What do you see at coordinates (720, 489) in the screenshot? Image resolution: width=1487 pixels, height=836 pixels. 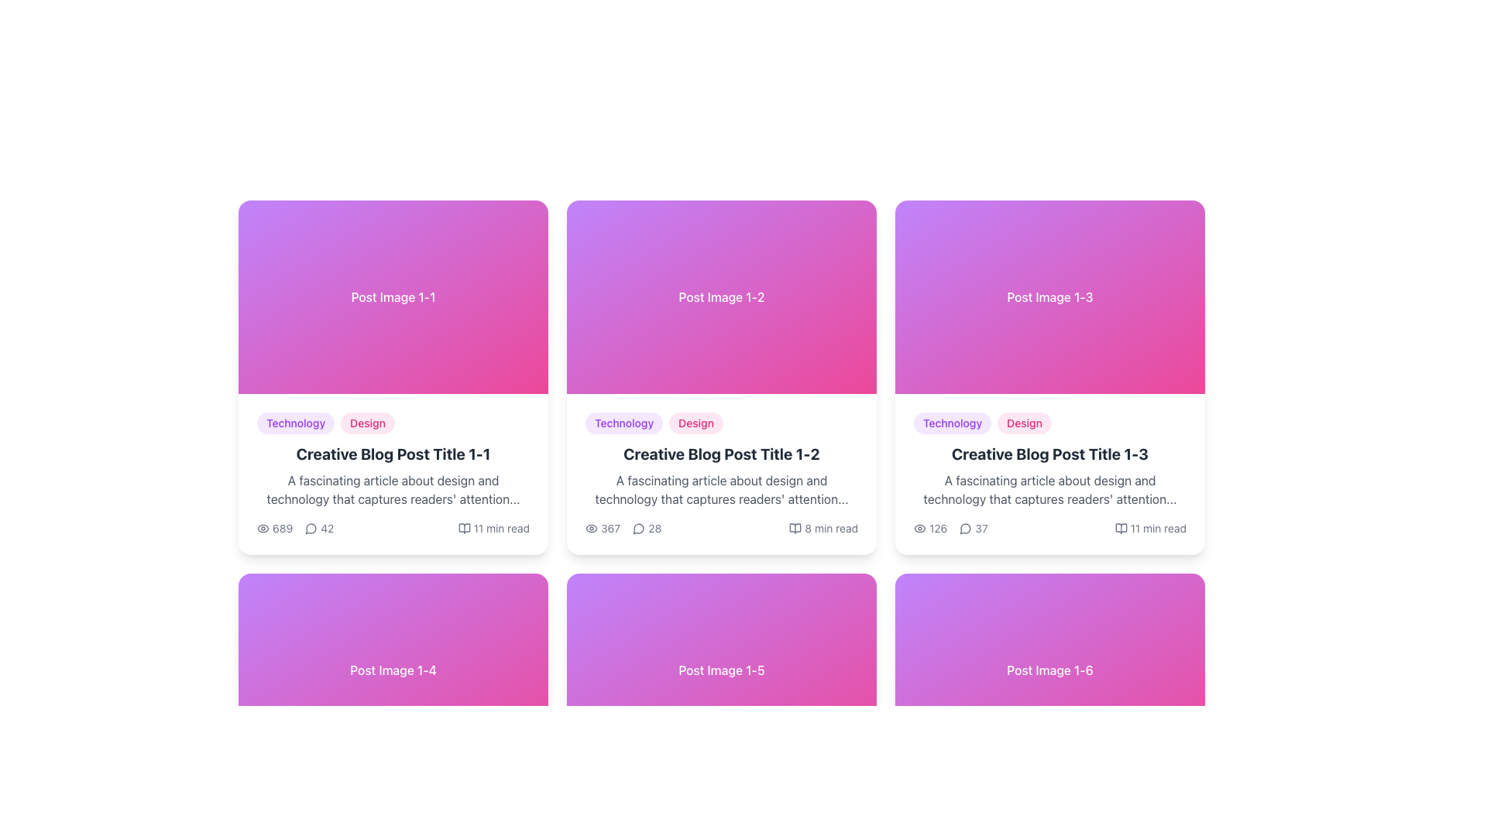 I see `text from the gray text block styled in medium font, positioned below the title 'Creative Blog Post Title 1-2' in the grid card structure` at bounding box center [720, 489].